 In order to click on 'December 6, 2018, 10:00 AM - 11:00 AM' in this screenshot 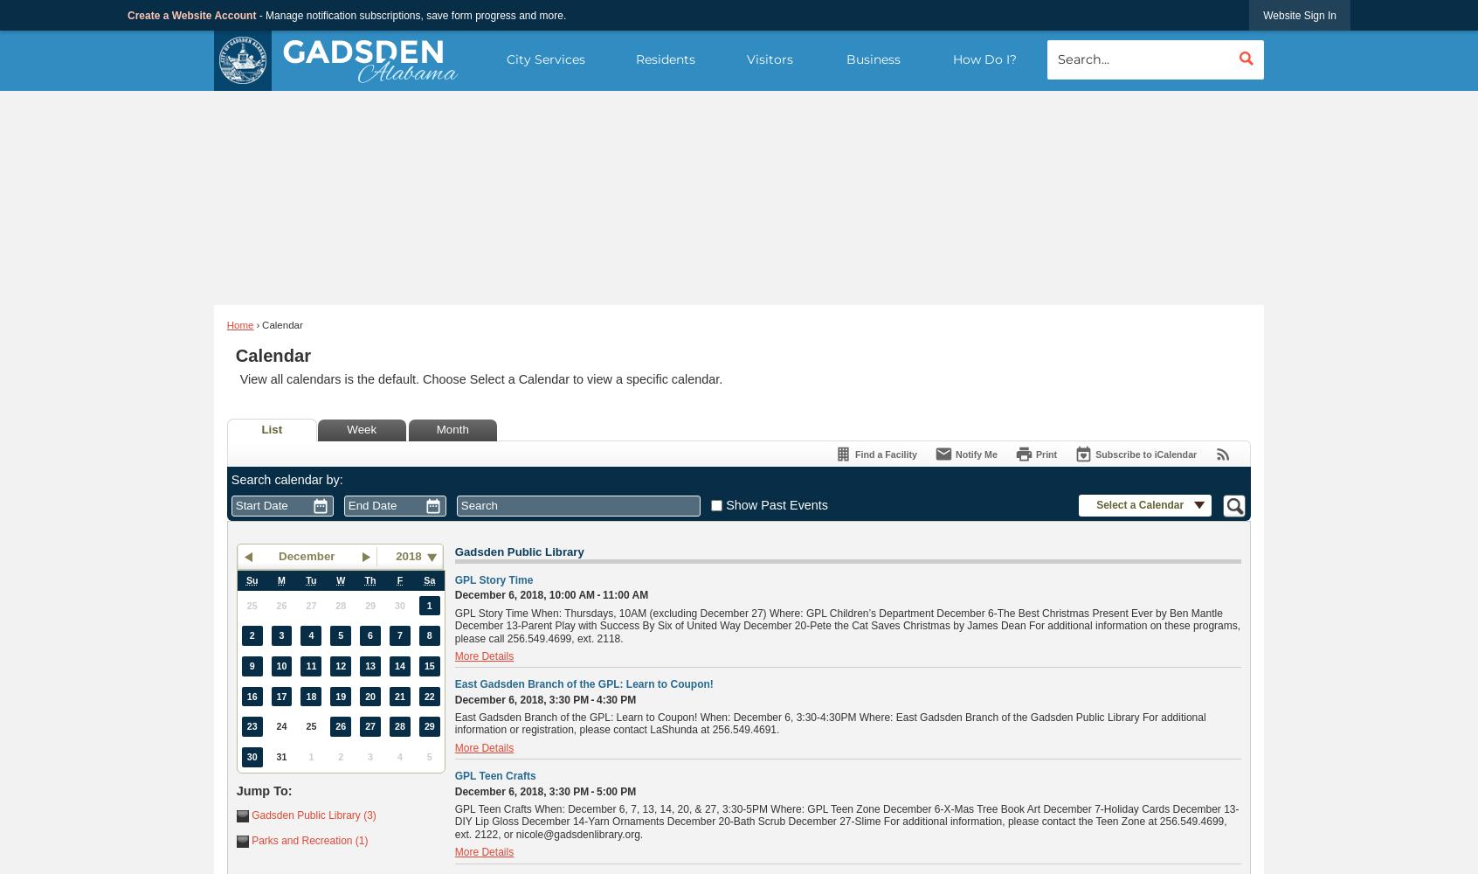, I will do `click(549, 595)`.